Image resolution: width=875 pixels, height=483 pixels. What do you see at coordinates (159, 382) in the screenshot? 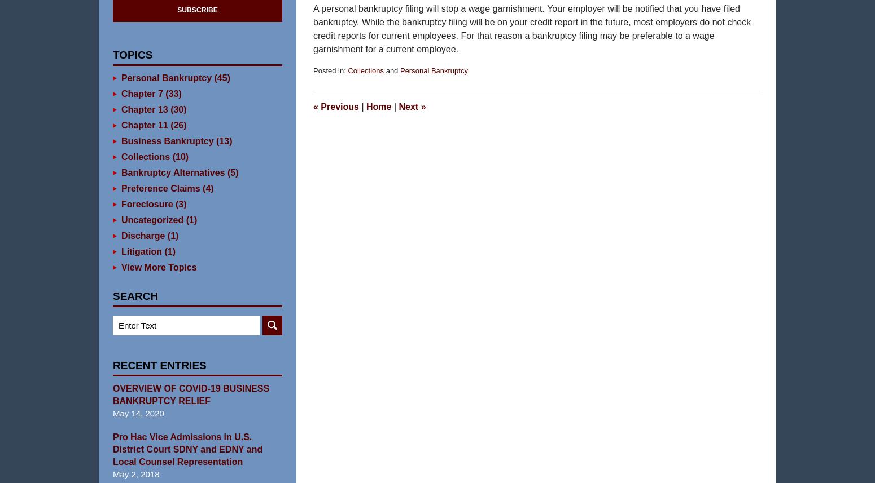
I see `'Recent Entries'` at bounding box center [159, 382].